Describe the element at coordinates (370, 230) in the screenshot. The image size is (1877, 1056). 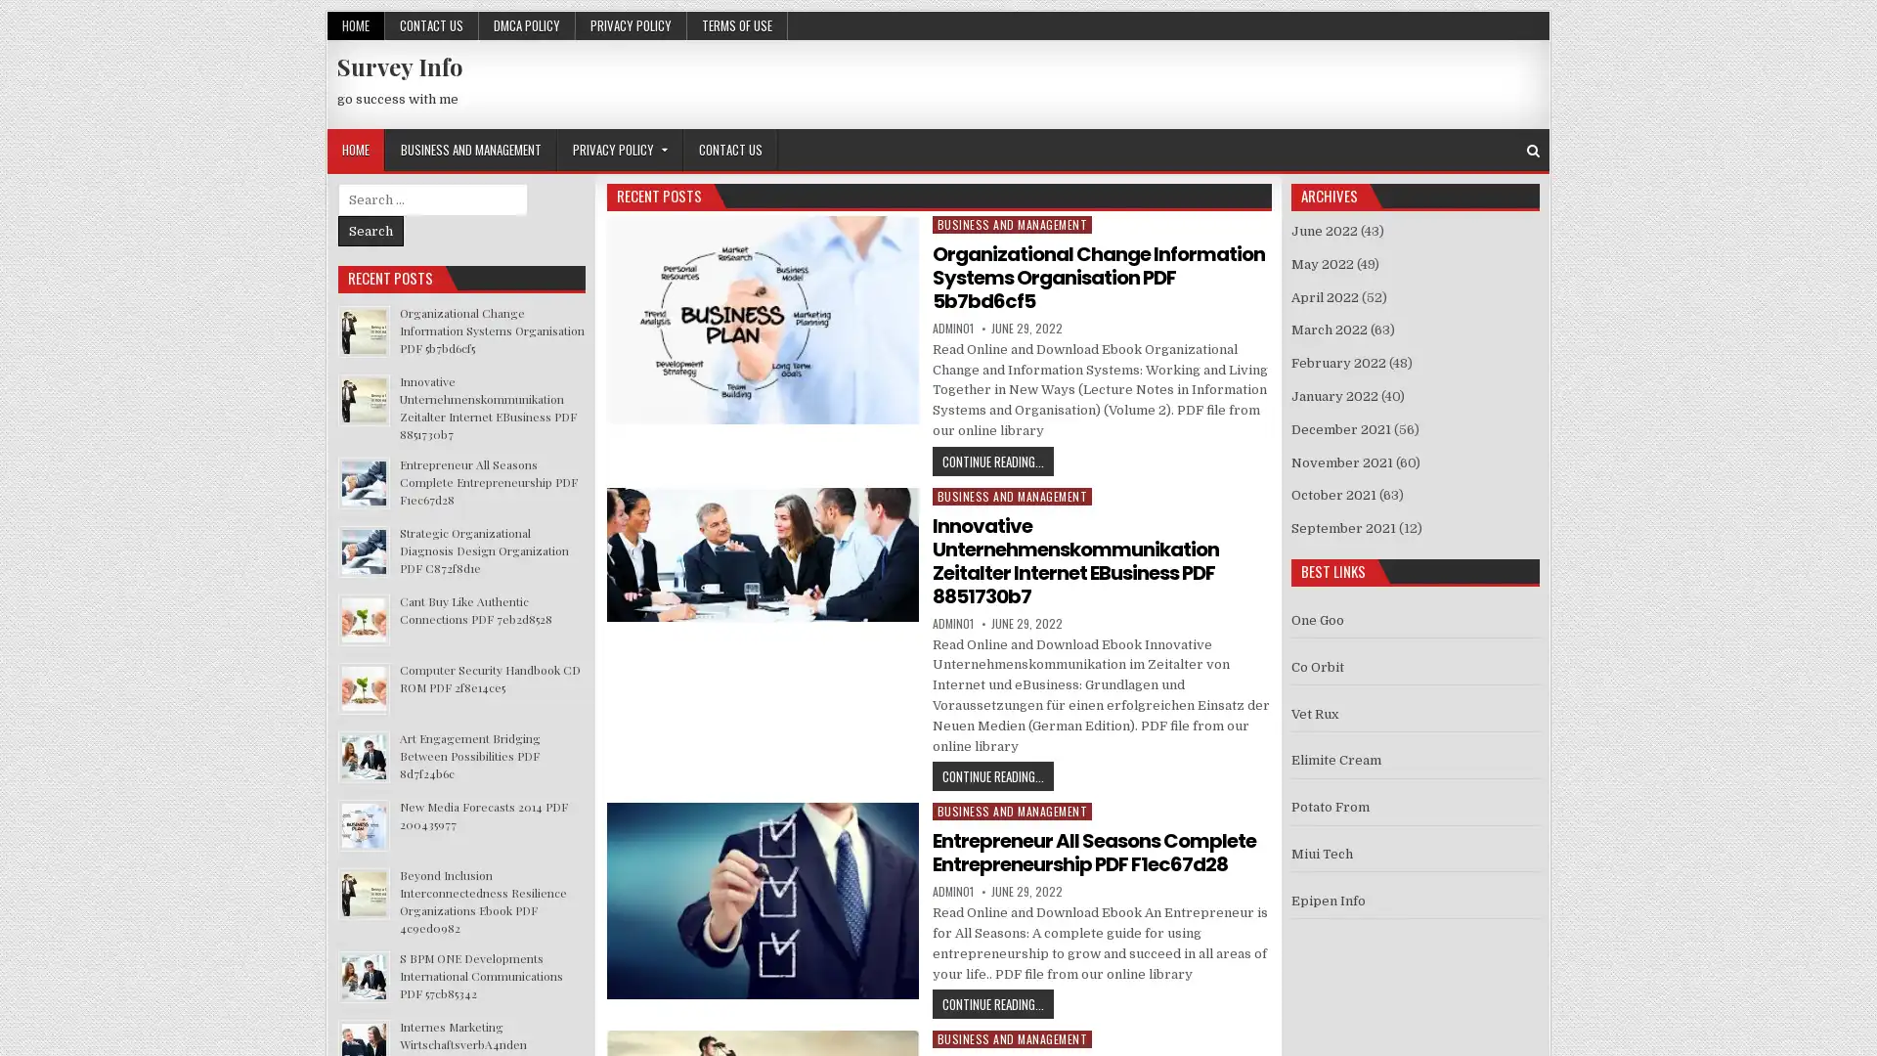
I see `Search` at that location.